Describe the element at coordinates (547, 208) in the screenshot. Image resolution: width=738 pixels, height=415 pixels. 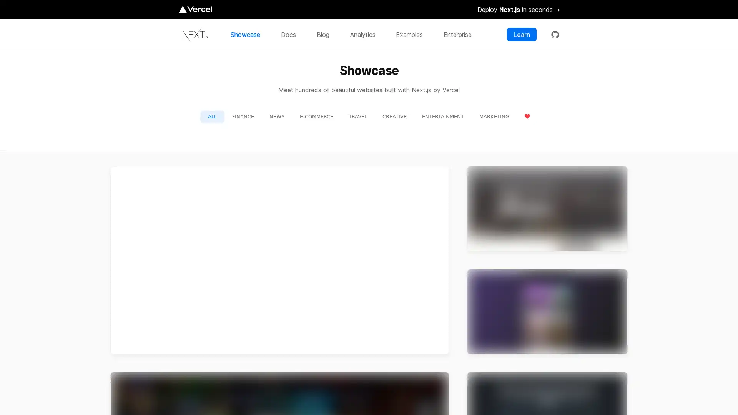
I see `preview for Netflix Jobs Netflix Jobs https://jobs.netflix.com` at that location.